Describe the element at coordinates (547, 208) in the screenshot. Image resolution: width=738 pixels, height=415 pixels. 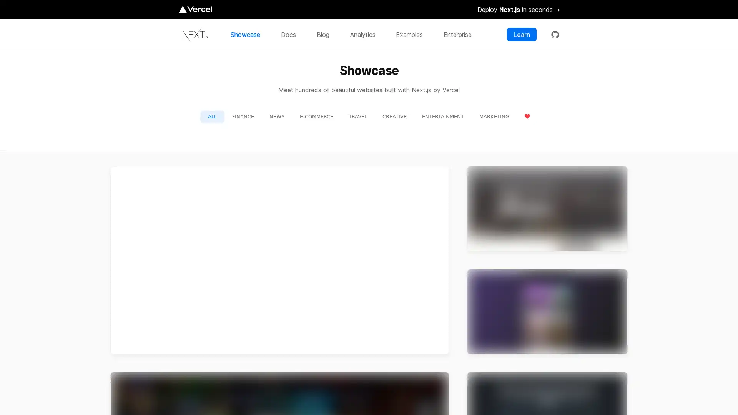
I see `preview for Netflix Jobs Netflix Jobs https://jobs.netflix.com` at that location.